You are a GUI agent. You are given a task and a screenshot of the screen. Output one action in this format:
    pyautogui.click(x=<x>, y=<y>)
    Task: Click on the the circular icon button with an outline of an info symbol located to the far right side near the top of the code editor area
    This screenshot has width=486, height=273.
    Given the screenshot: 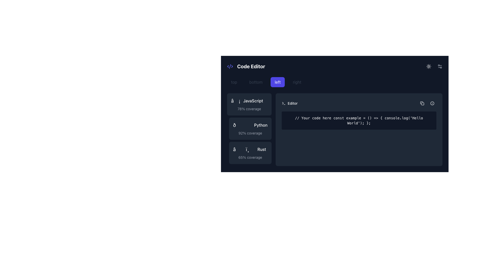 What is the action you would take?
    pyautogui.click(x=432, y=103)
    